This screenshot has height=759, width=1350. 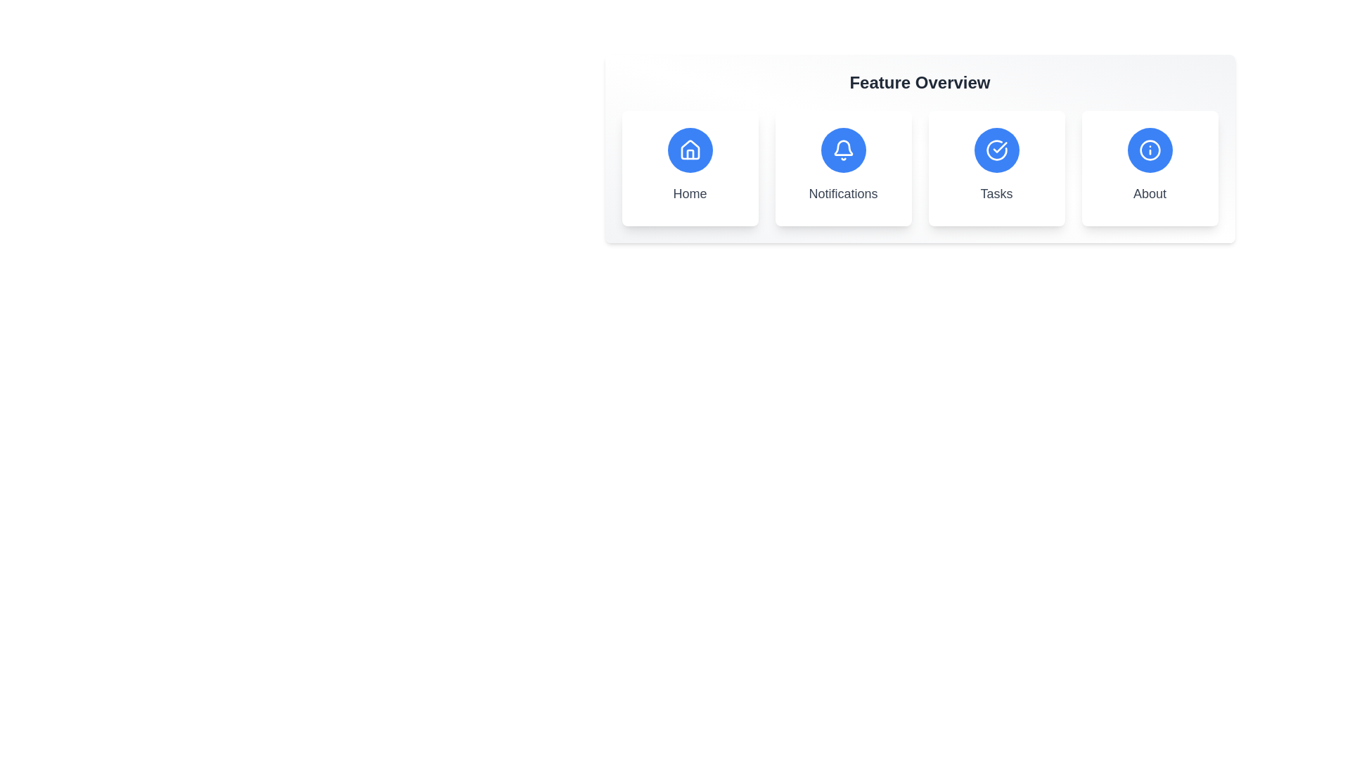 I want to click on the 'Tasks' text label located in the third column below the blue circular checkmark icon, so click(x=996, y=194).